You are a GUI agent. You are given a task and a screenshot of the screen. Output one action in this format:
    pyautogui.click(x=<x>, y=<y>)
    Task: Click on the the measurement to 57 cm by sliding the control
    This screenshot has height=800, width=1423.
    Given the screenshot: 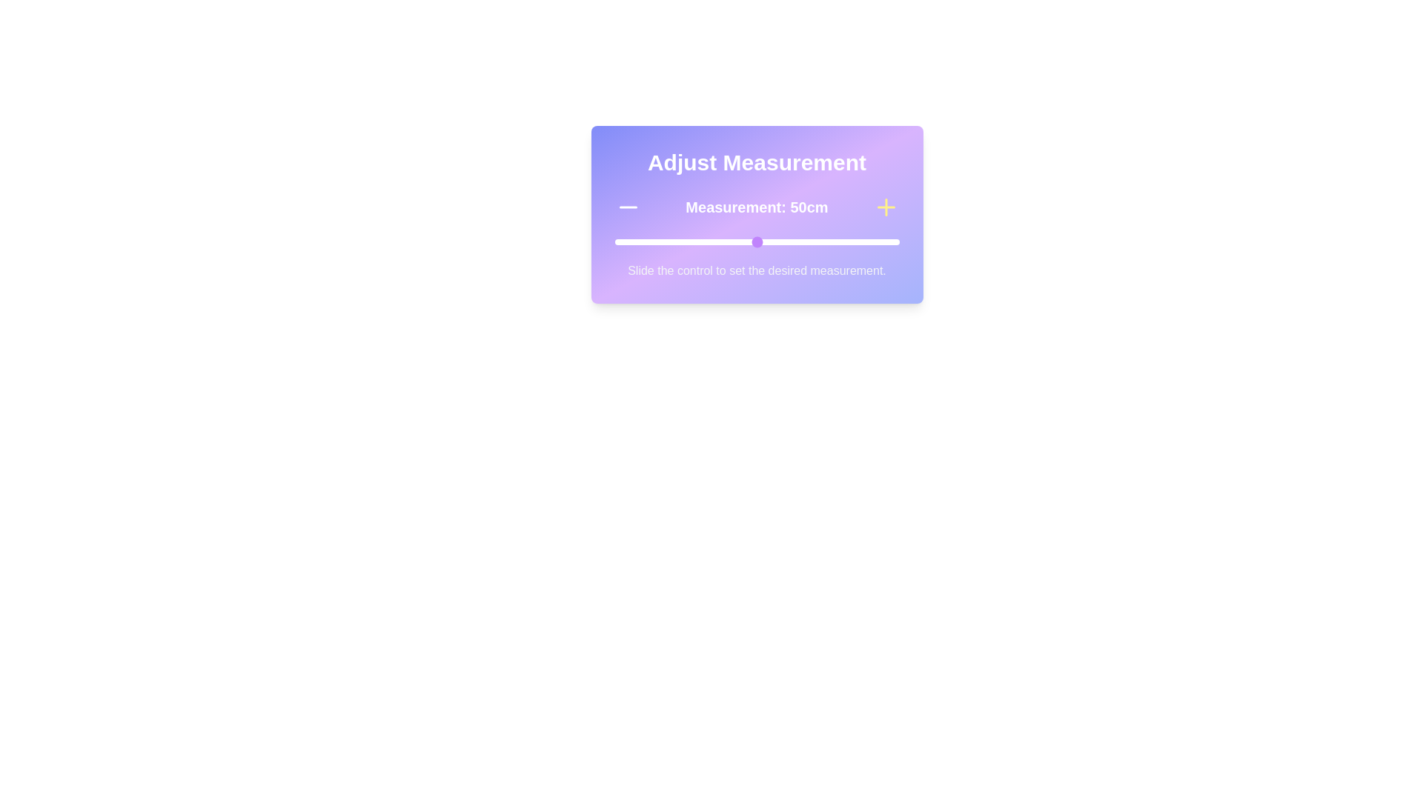 What is the action you would take?
    pyautogui.click(x=776, y=241)
    